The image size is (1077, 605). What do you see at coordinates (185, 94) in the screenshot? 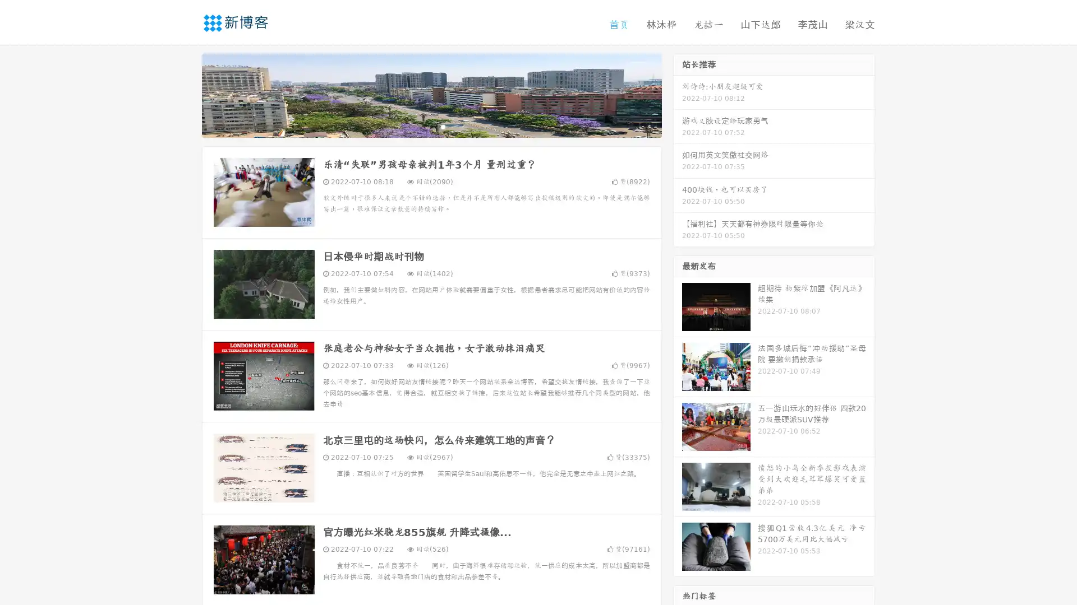
I see `Previous slide` at bounding box center [185, 94].